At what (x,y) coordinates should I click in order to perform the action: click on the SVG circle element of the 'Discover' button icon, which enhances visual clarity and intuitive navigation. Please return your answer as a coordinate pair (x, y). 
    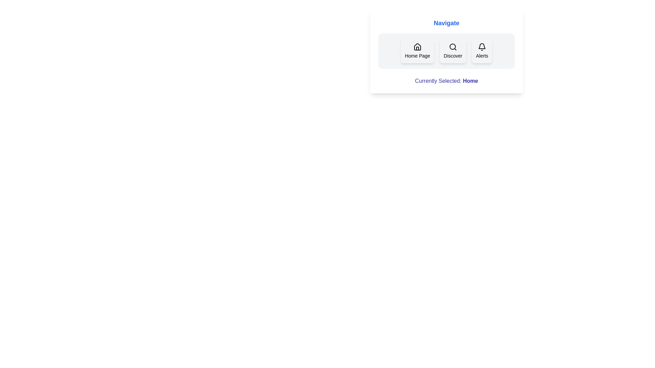
    Looking at the image, I should click on (453, 46).